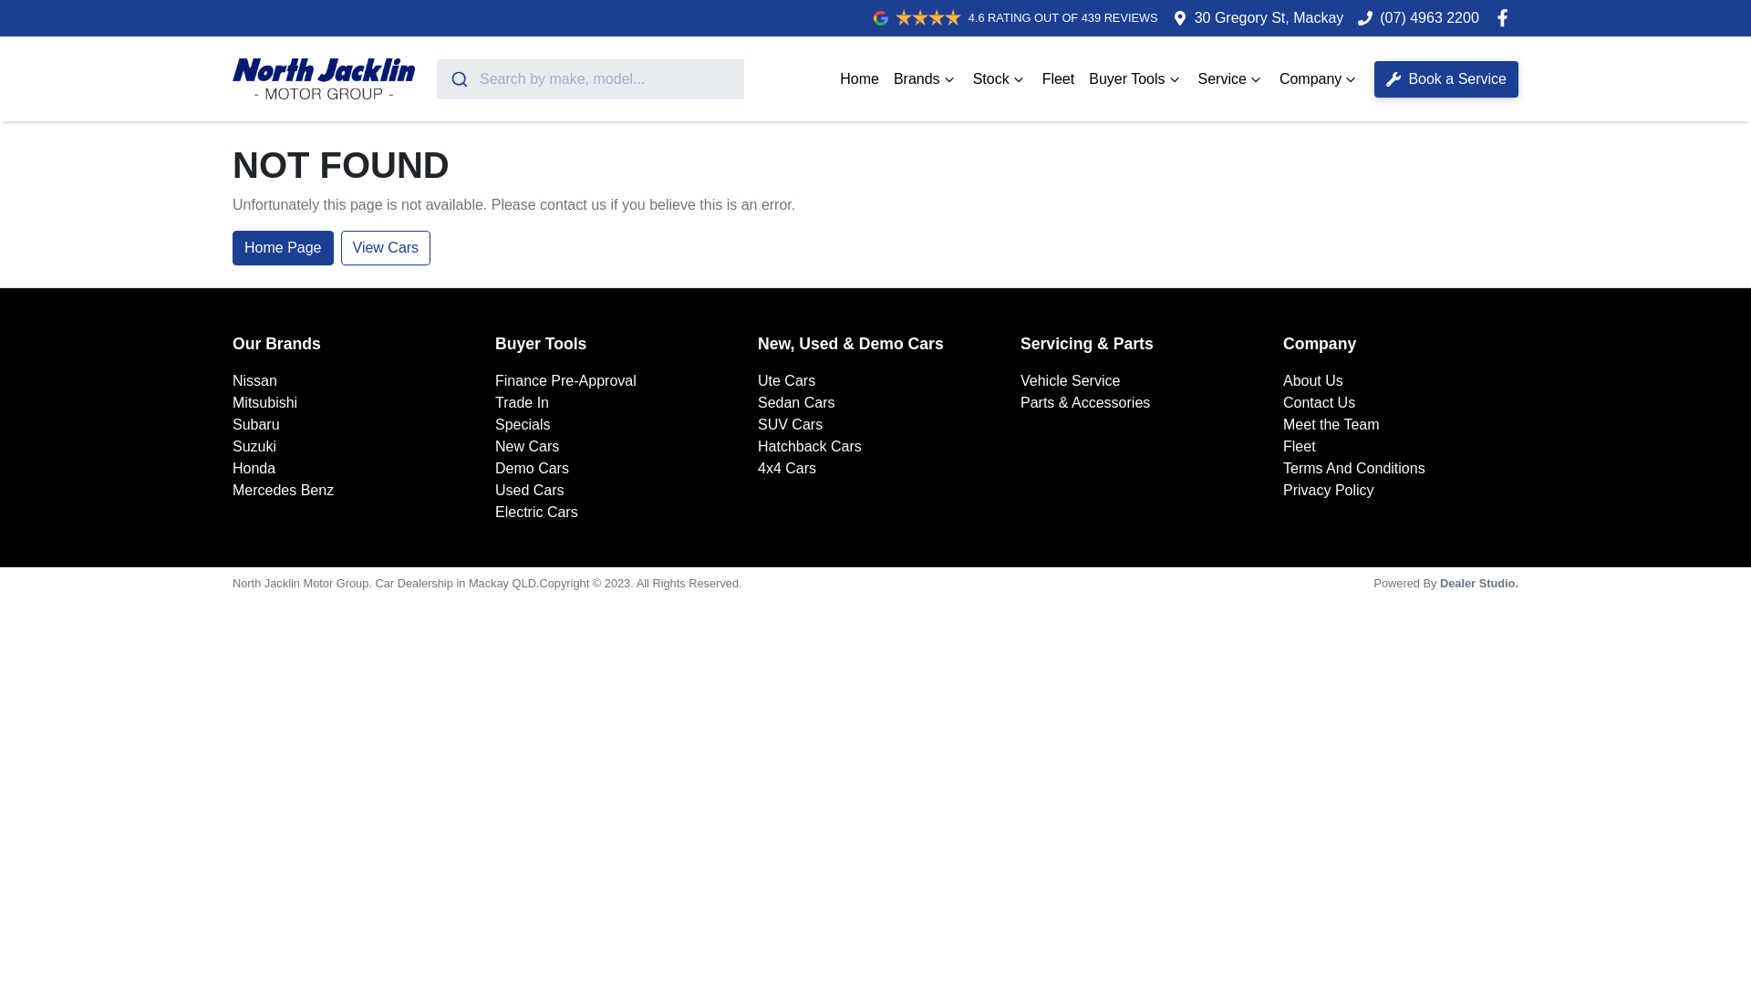  What do you see at coordinates (757, 467) in the screenshot?
I see `'4x4 Cars'` at bounding box center [757, 467].